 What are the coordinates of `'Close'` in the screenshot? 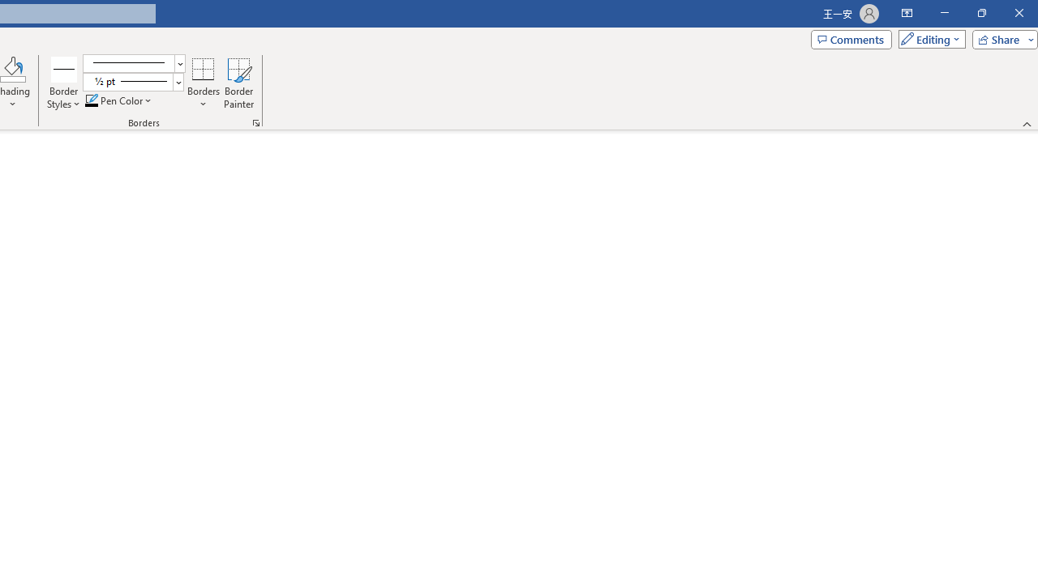 It's located at (1018, 13).